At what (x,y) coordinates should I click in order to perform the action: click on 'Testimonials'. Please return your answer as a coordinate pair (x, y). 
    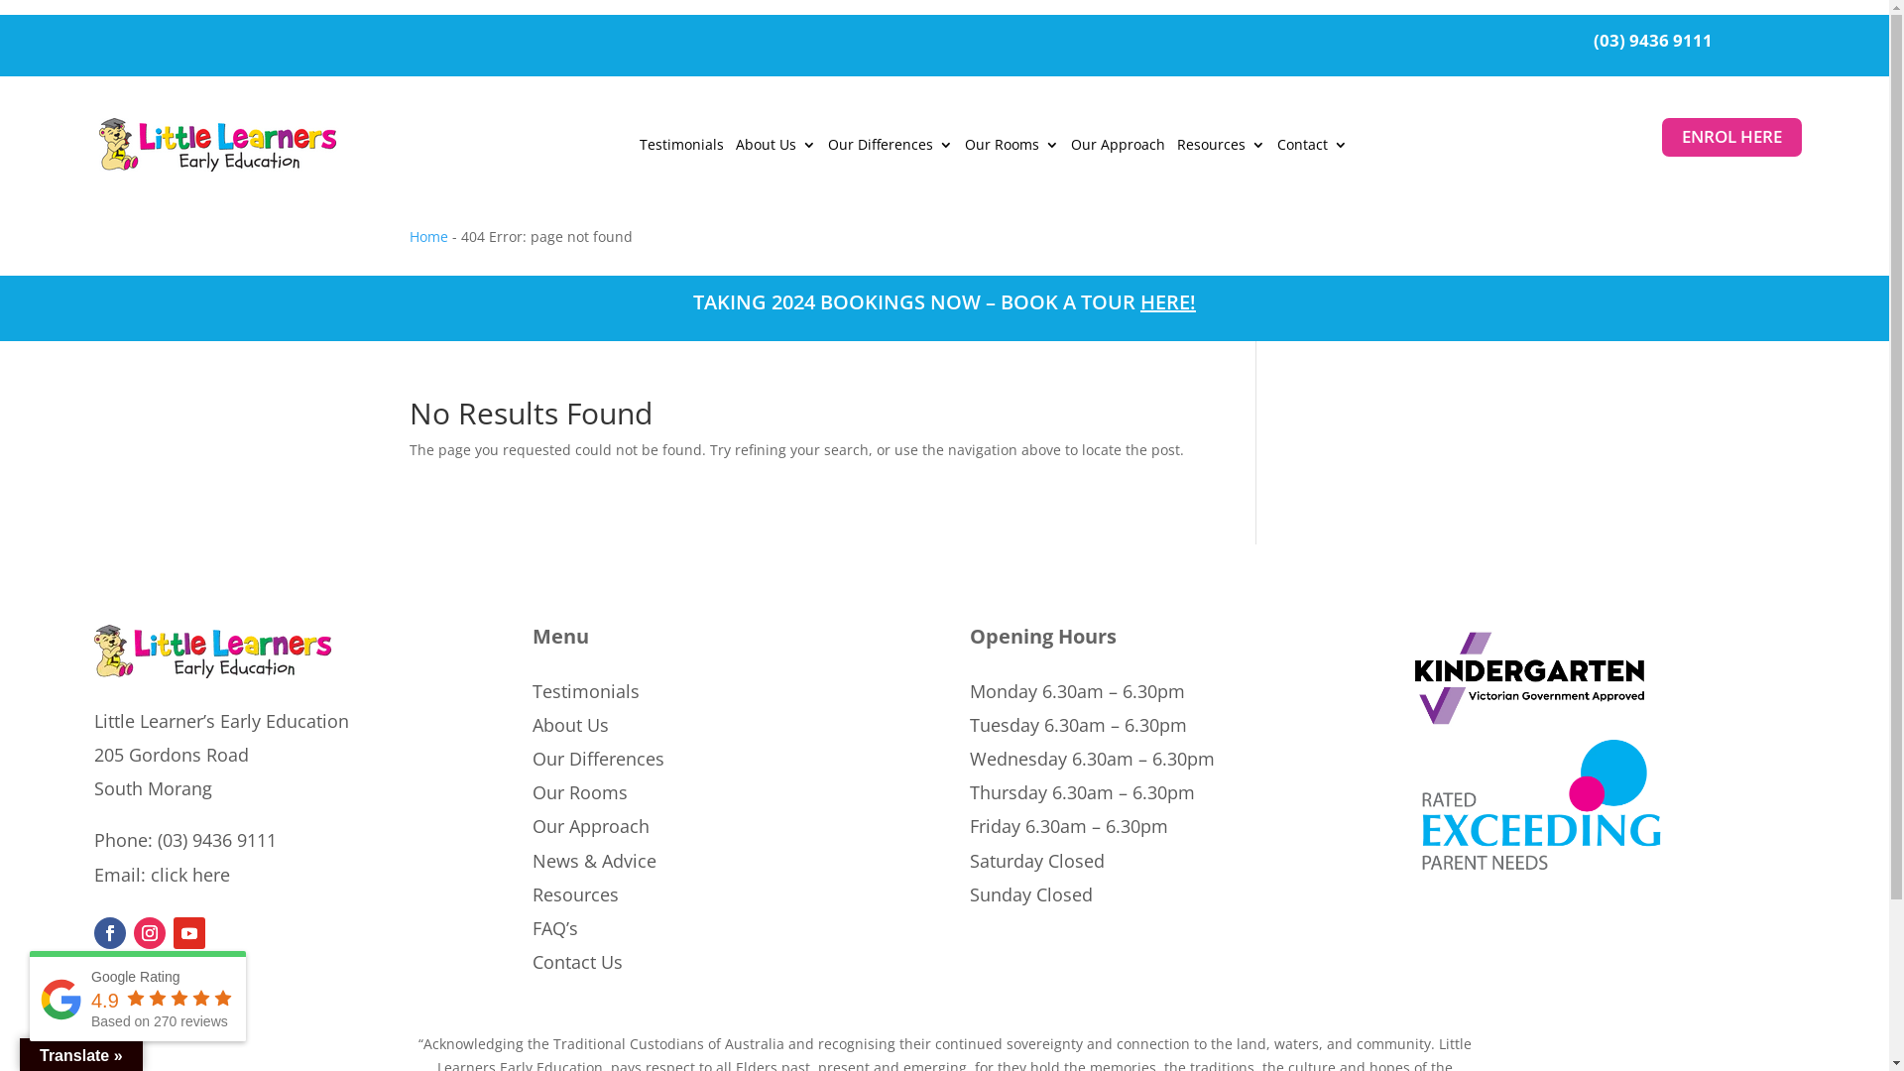
    Looking at the image, I should click on (681, 148).